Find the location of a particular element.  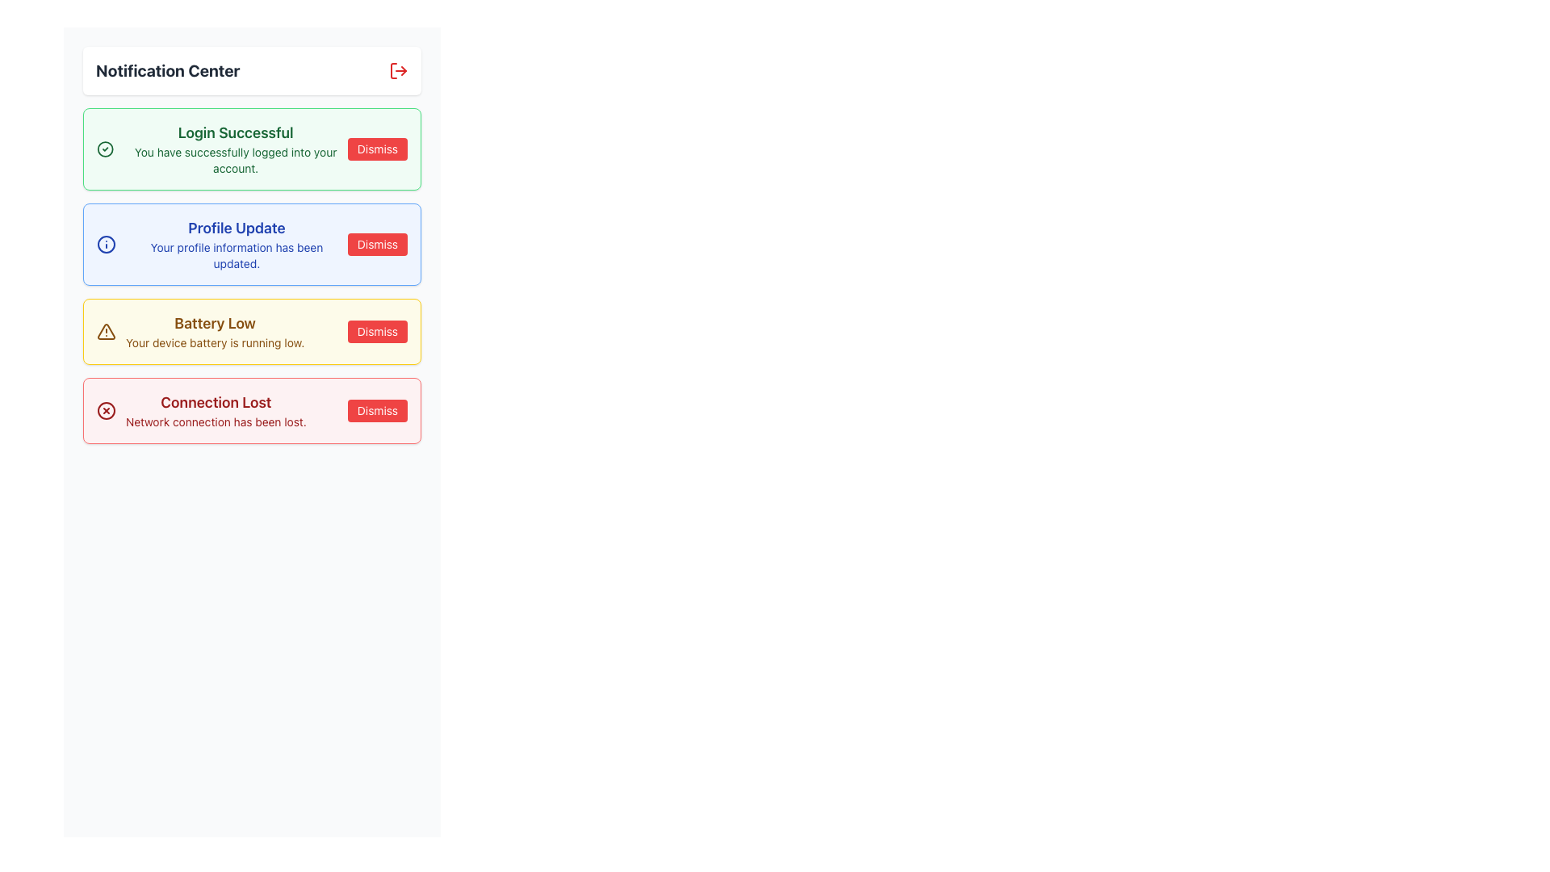

the text label that displays 'Battery Low' in the third notification card of the Notification Center, which is emphasized in dark brown color against a light yellow background is located at coordinates (214, 324).